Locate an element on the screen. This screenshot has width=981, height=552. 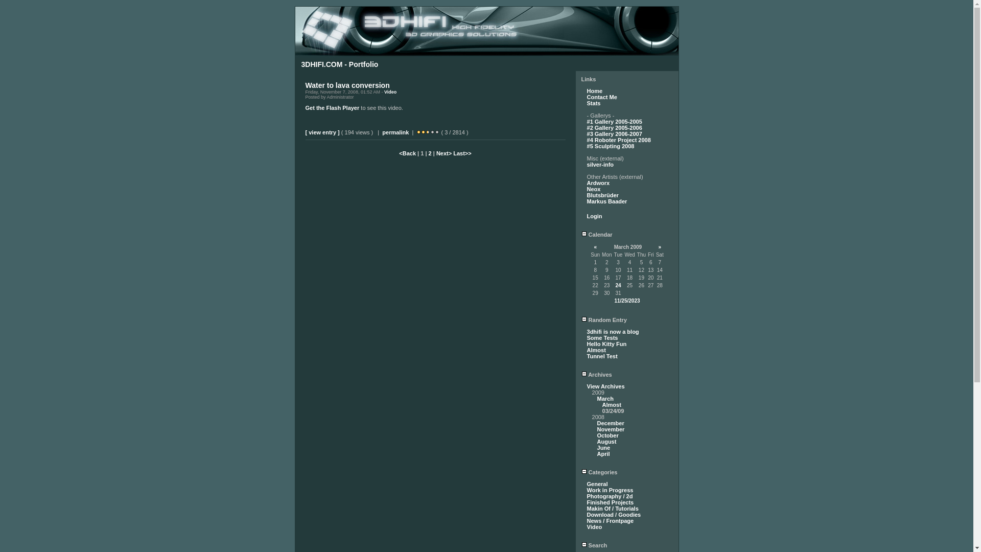
'Ardworx' is located at coordinates (598, 182).